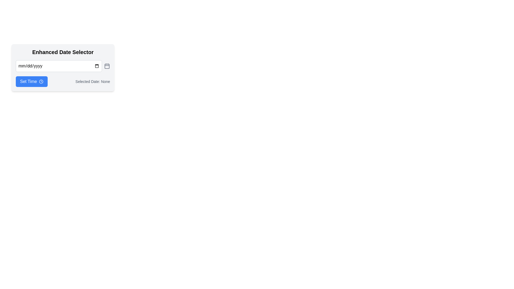  Describe the element at coordinates (41, 81) in the screenshot. I see `the small, circular clock icon with a blue background and white lines, located to the right edge of the 'Set Time' button in the 'Enhanced Date Selector' control panel to receive a tooltip` at that location.